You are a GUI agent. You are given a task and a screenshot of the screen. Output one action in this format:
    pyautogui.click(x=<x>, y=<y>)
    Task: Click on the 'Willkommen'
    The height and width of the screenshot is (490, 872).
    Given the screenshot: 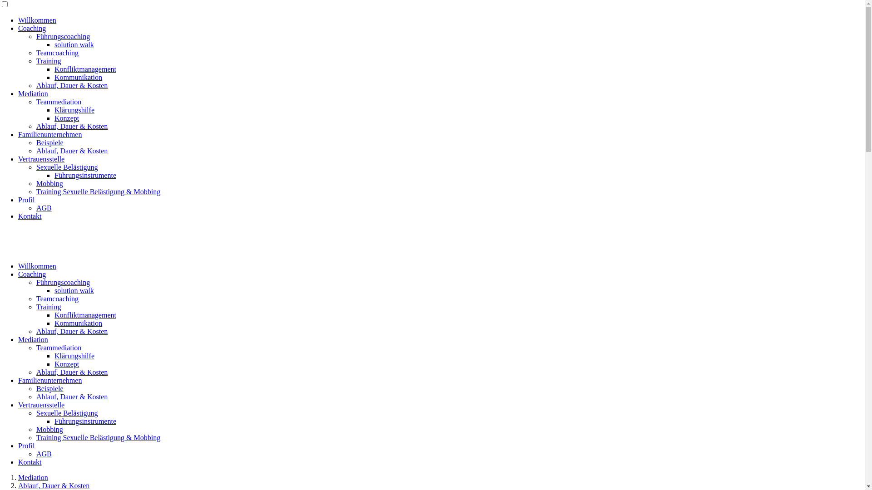 What is the action you would take?
    pyautogui.click(x=36, y=20)
    